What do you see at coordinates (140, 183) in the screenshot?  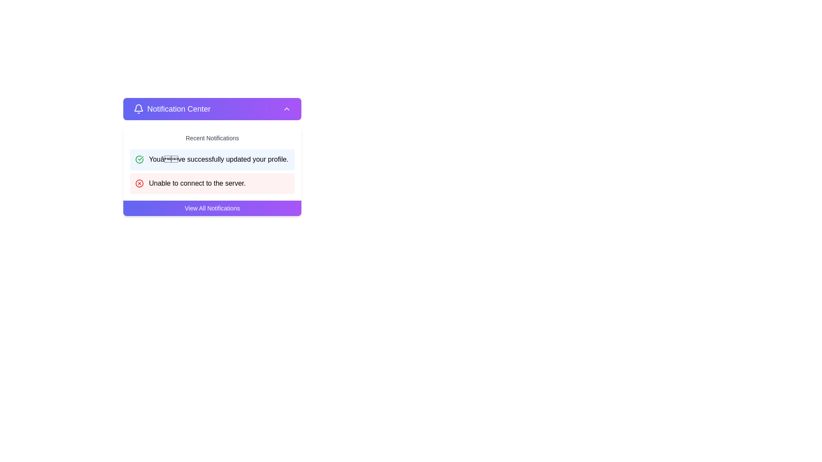 I see `the error icon located to the left of the text 'Unable to connect to the server.' in the second notification within the 'Notification Center'` at bounding box center [140, 183].